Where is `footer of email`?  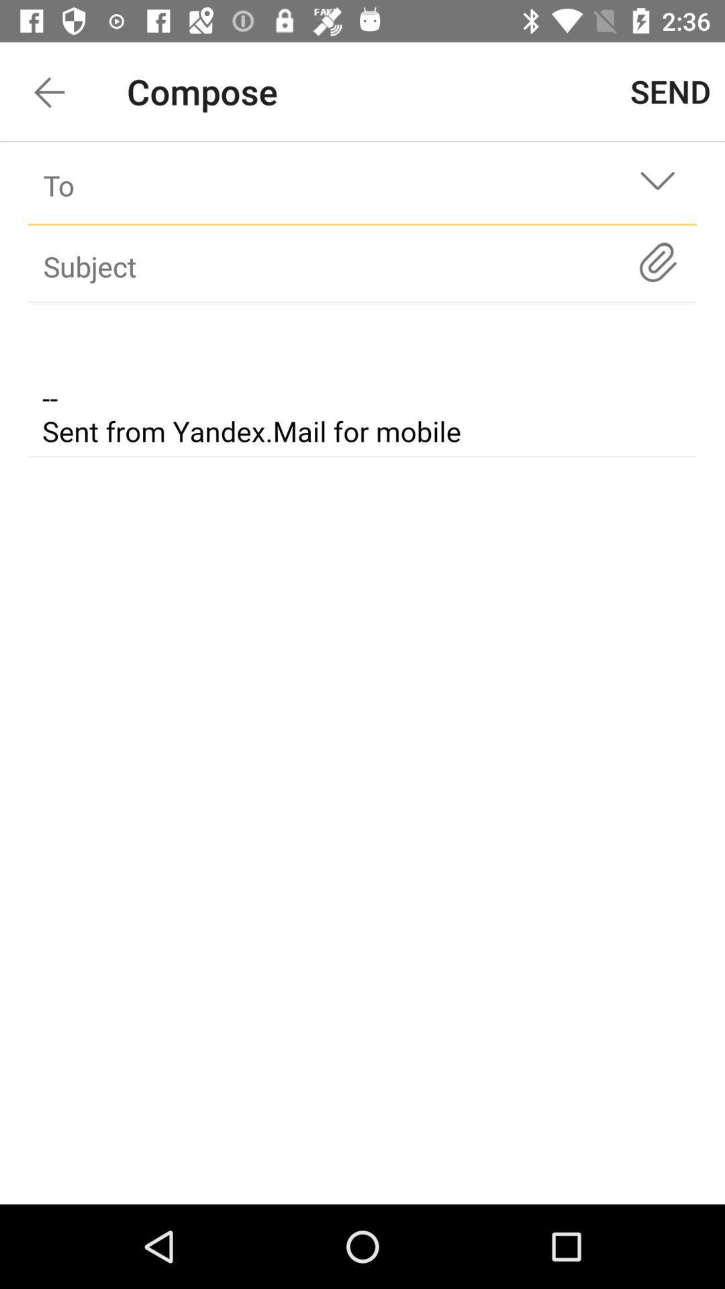 footer of email is located at coordinates (362, 381).